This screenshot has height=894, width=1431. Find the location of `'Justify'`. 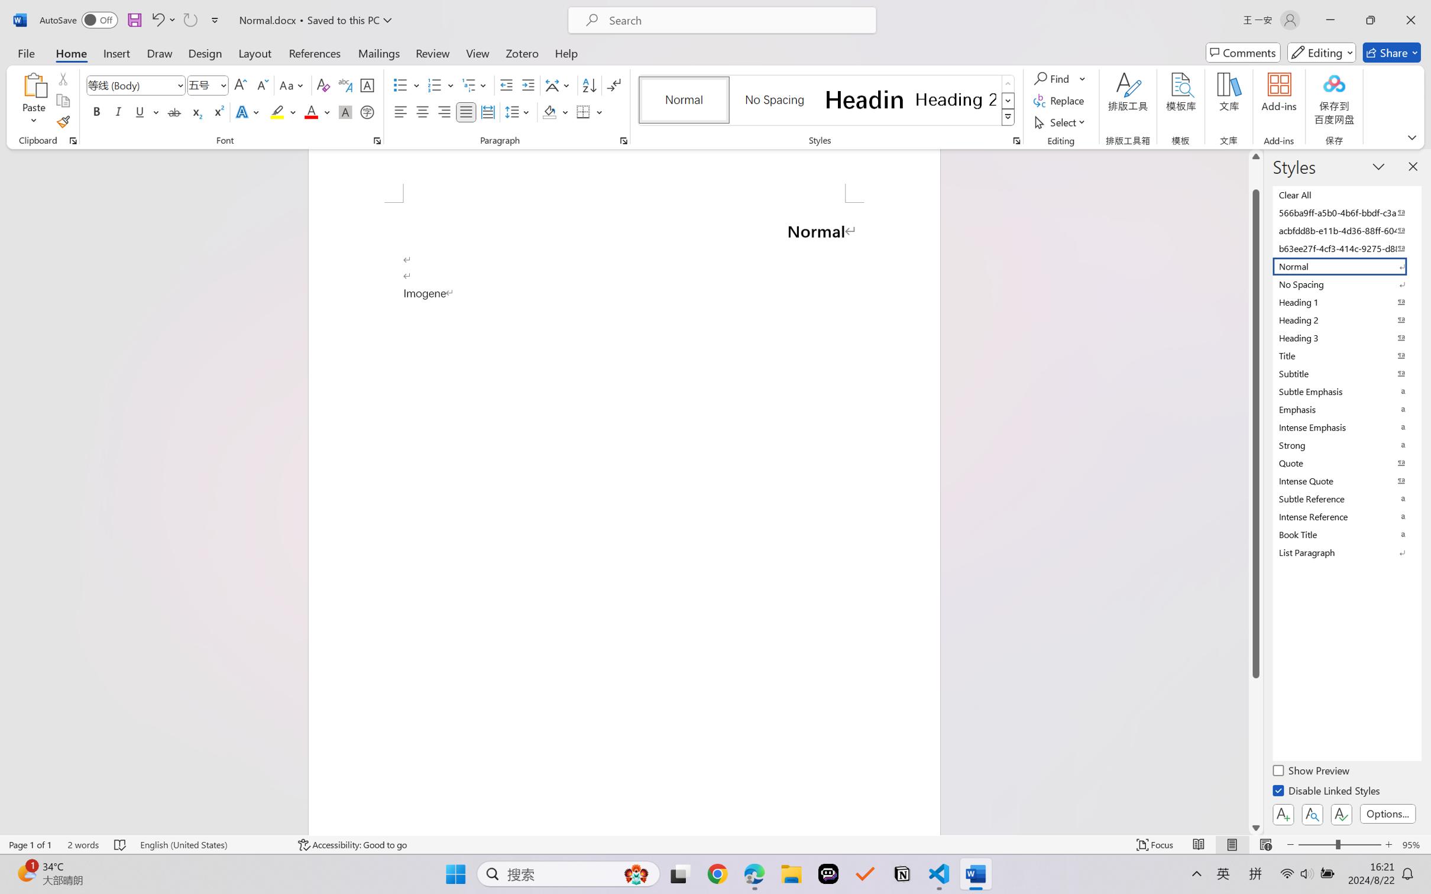

'Justify' is located at coordinates (465, 111).